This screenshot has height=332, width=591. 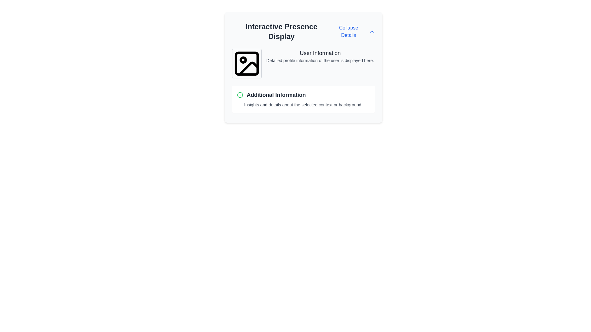 I want to click on the clickable text link styled in blue that displays 'Collapse' on top and 'Details' below, located at the top-right position next to the title text 'Interactive Presence Display', so click(x=353, y=32).